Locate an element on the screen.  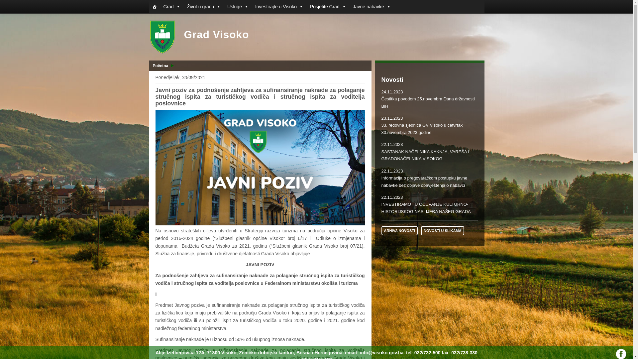
'Grad Visoko' is located at coordinates (199, 37).